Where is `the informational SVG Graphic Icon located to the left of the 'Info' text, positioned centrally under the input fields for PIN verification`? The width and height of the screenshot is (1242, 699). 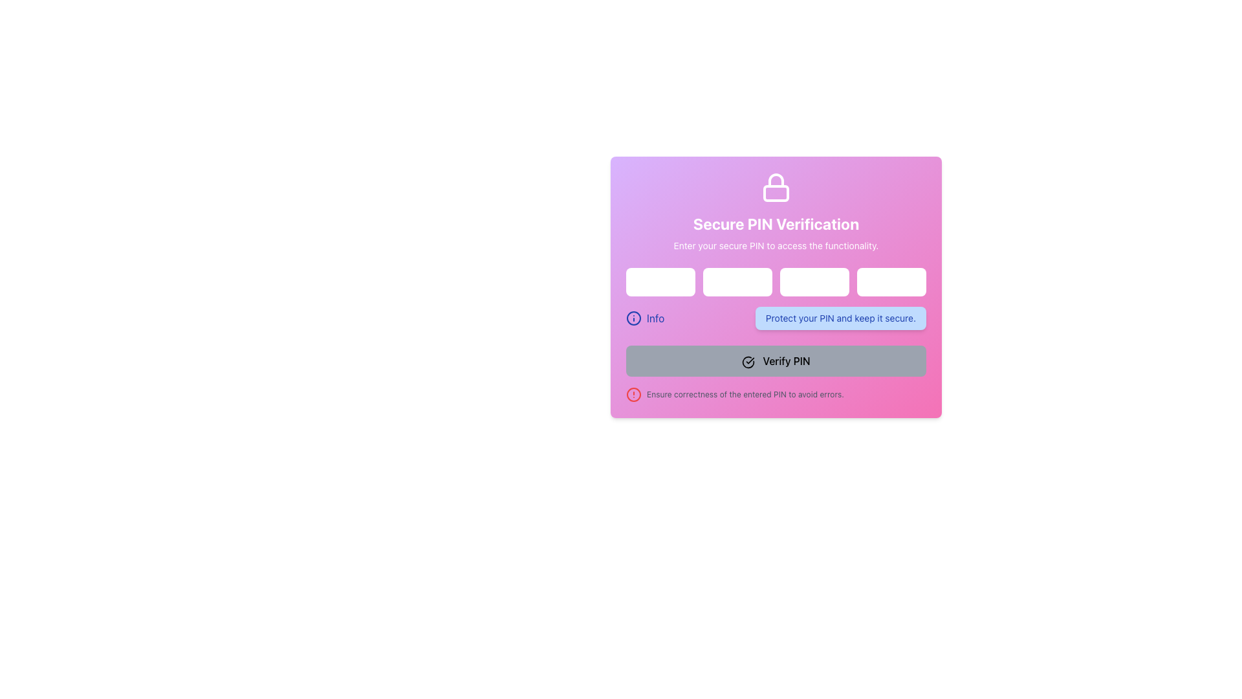 the informational SVG Graphic Icon located to the left of the 'Info' text, positioned centrally under the input fields for PIN verification is located at coordinates (633, 318).